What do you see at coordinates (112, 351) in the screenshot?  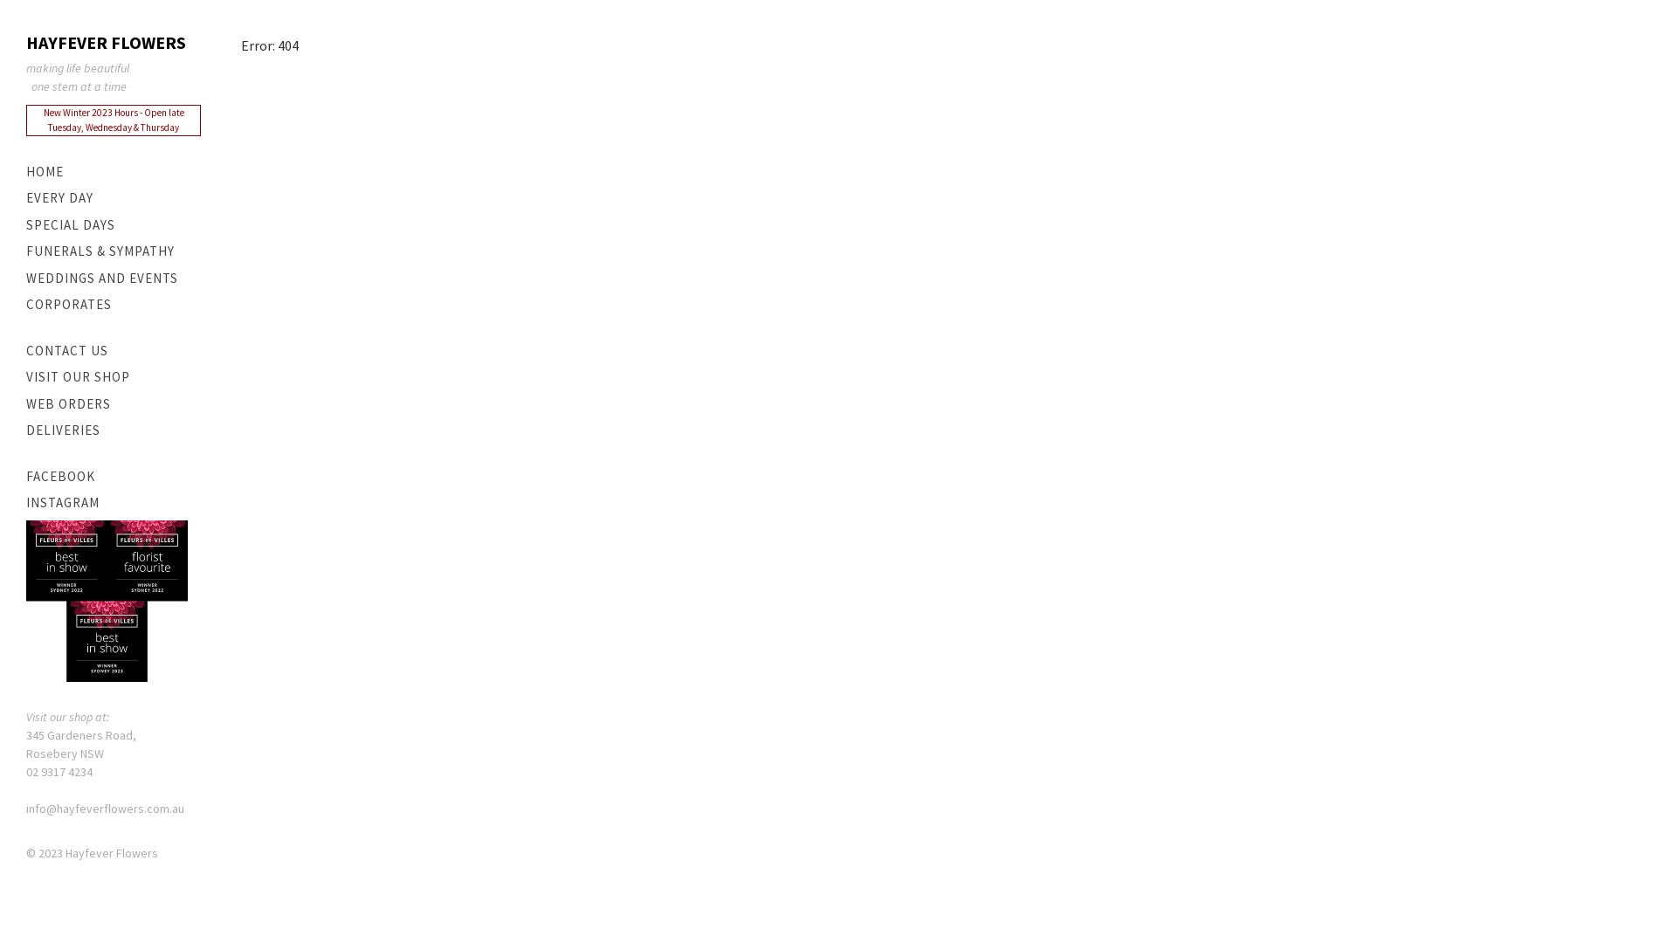 I see `'CONTACT US'` at bounding box center [112, 351].